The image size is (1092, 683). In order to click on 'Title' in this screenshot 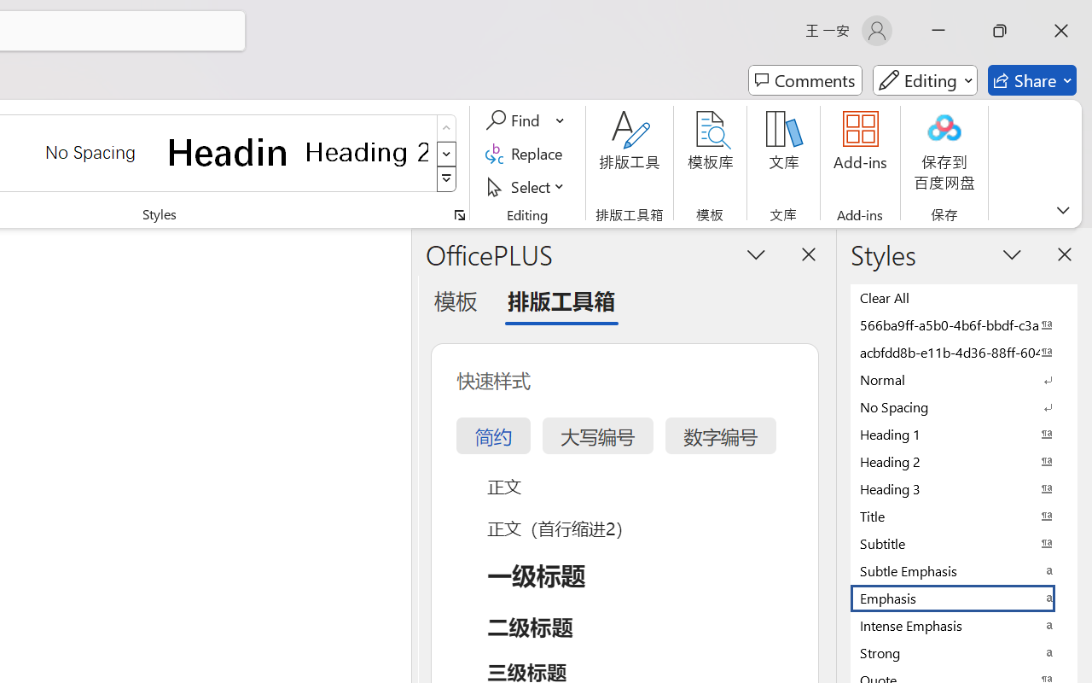, I will do `click(964, 516)`.